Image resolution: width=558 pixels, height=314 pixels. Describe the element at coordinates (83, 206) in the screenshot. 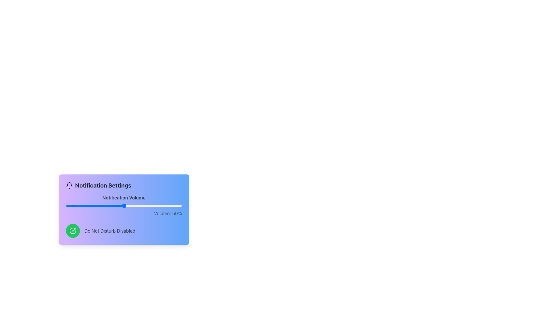

I see `notification volume` at that location.